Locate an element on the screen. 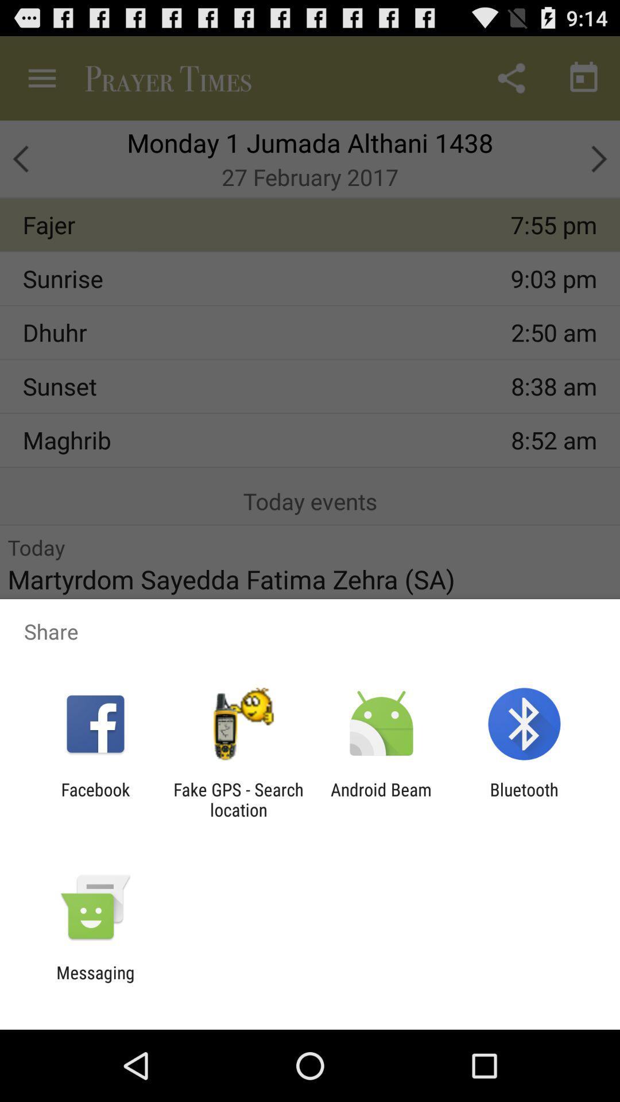 Image resolution: width=620 pixels, height=1102 pixels. fake gps search is located at coordinates (238, 799).